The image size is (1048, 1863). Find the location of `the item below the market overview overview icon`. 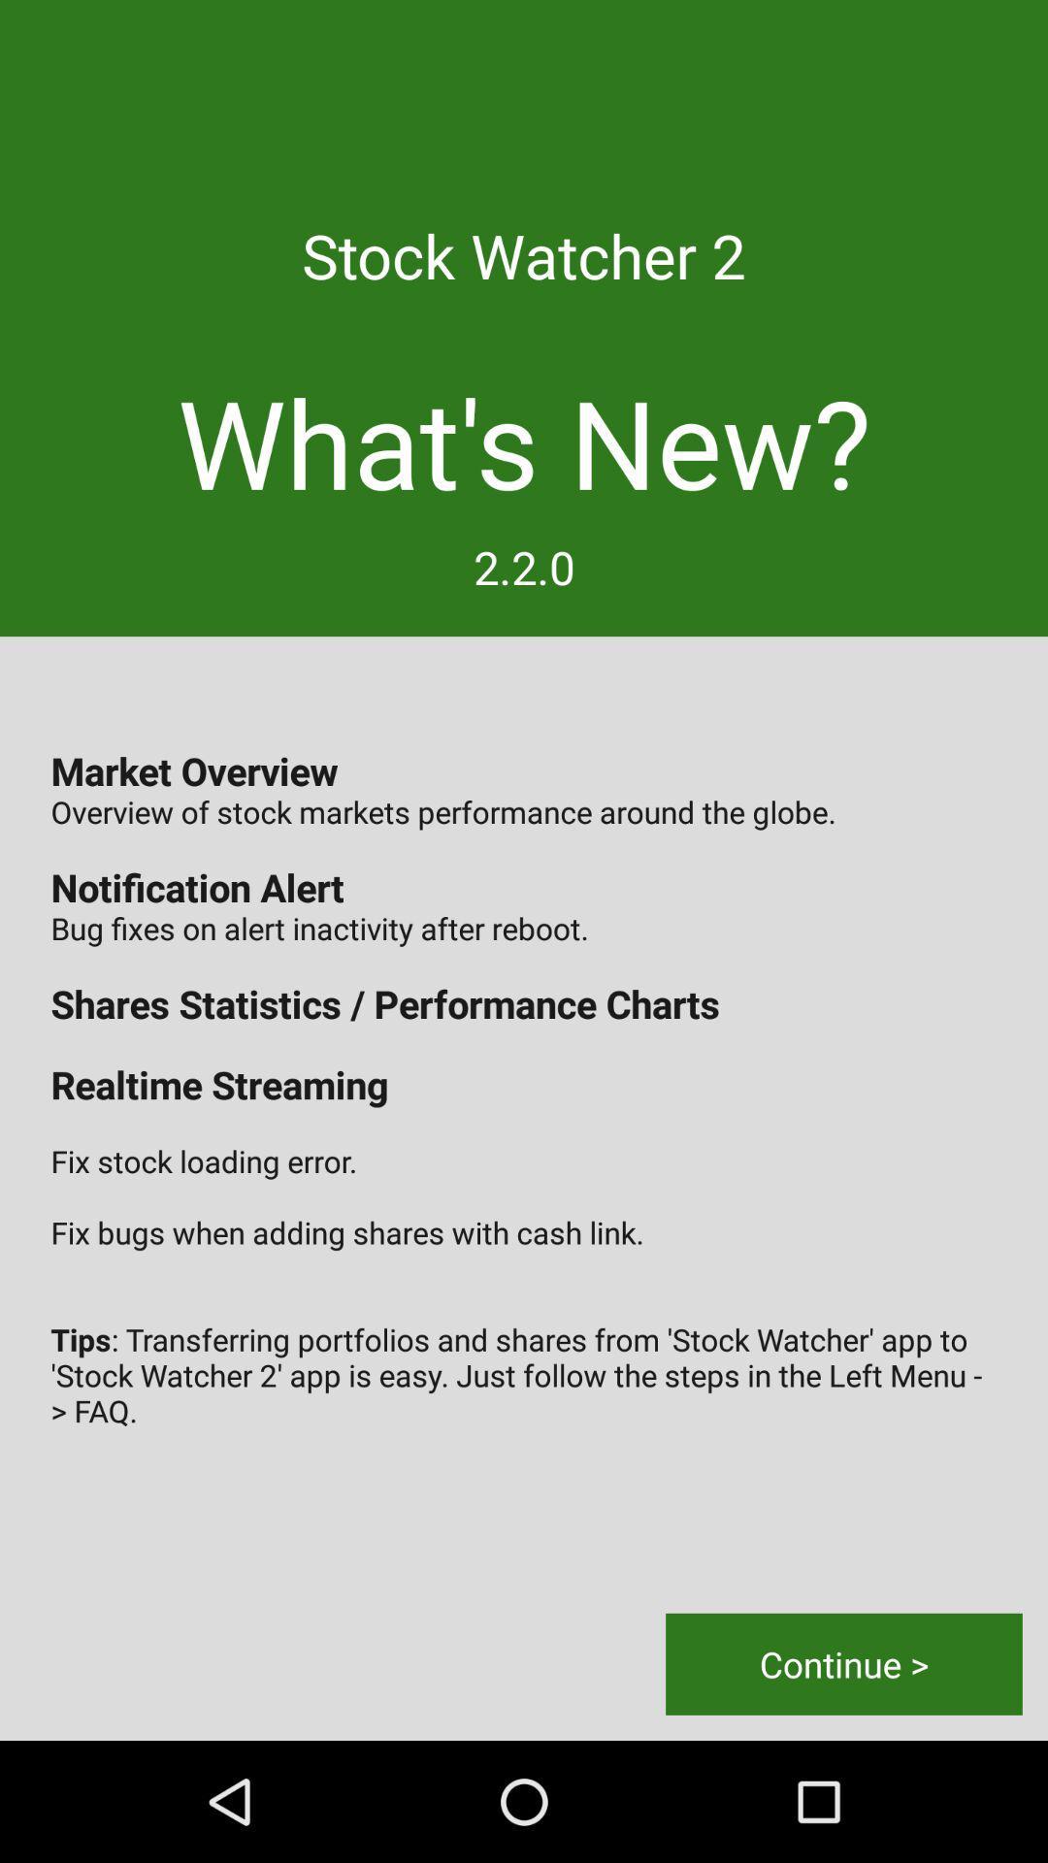

the item below the market overview overview icon is located at coordinates (843, 1663).